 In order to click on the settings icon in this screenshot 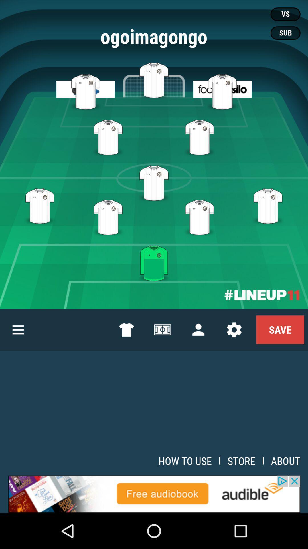, I will do `click(234, 330)`.